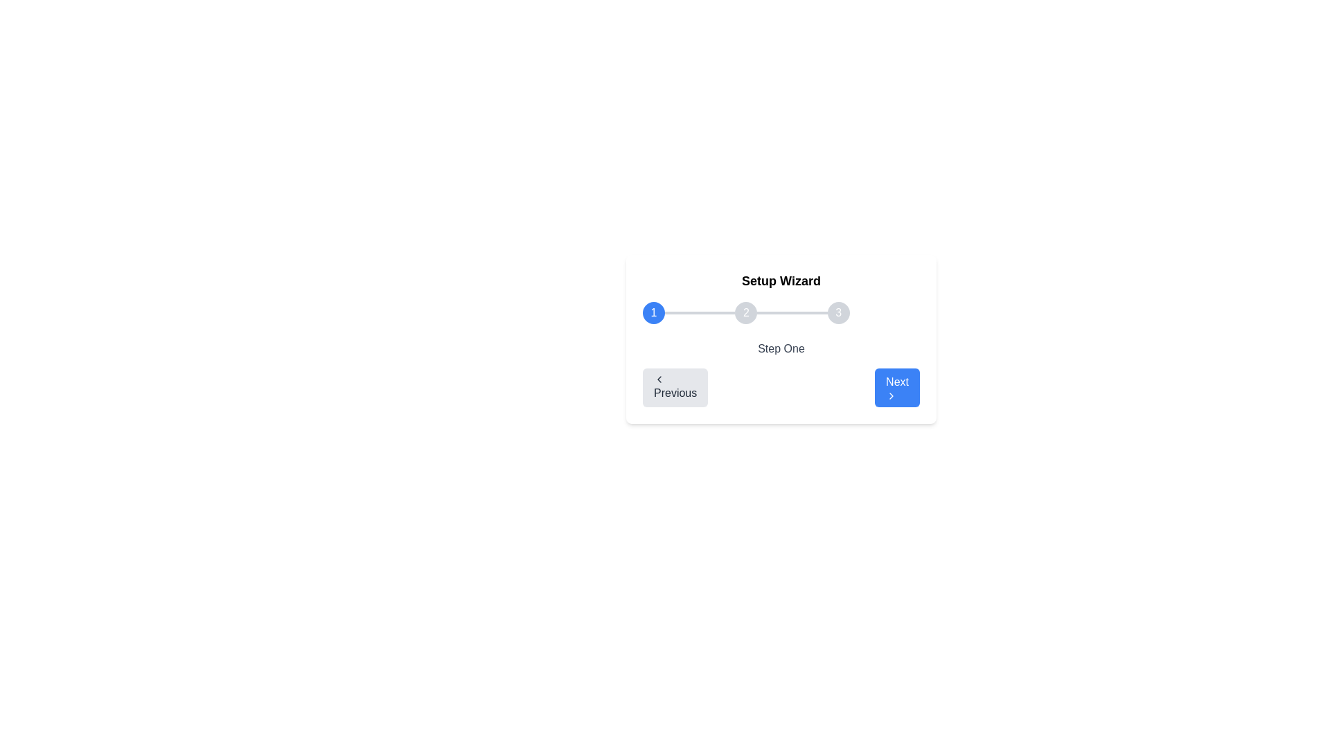 The height and width of the screenshot is (748, 1330). What do you see at coordinates (781, 312) in the screenshot?
I see `second step progress indicator element which is a circular indicator with the number '2', located in the horizontal step progress bar` at bounding box center [781, 312].